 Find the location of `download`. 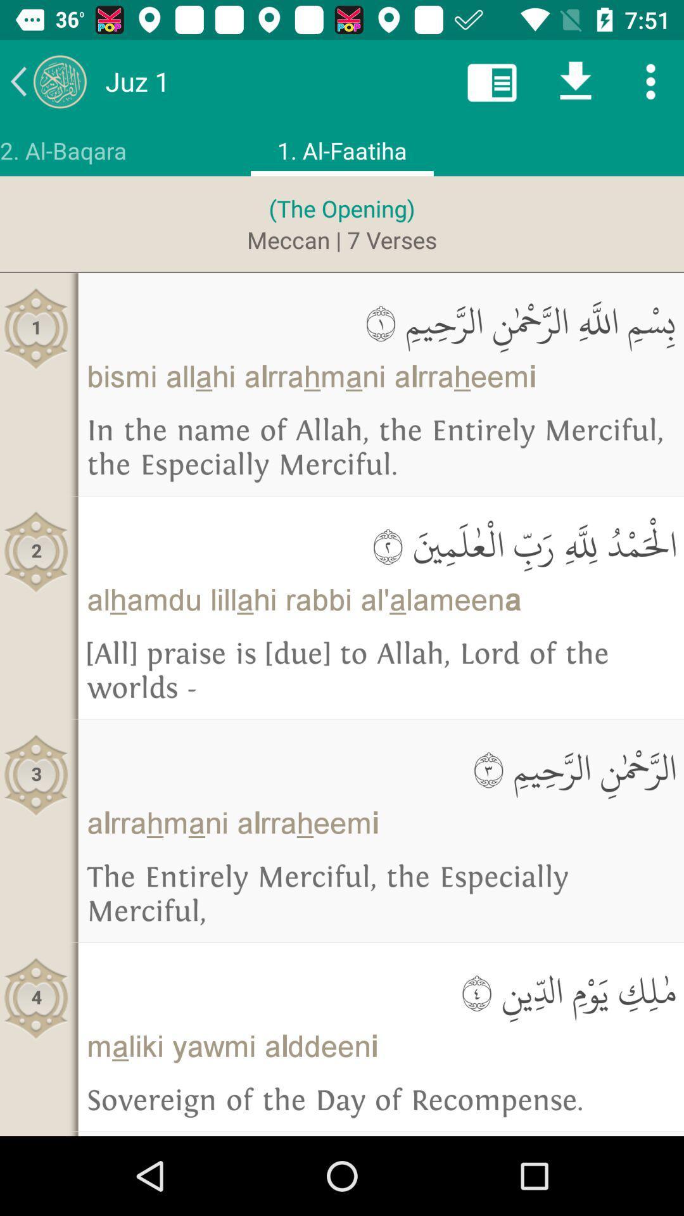

download is located at coordinates (576, 80).